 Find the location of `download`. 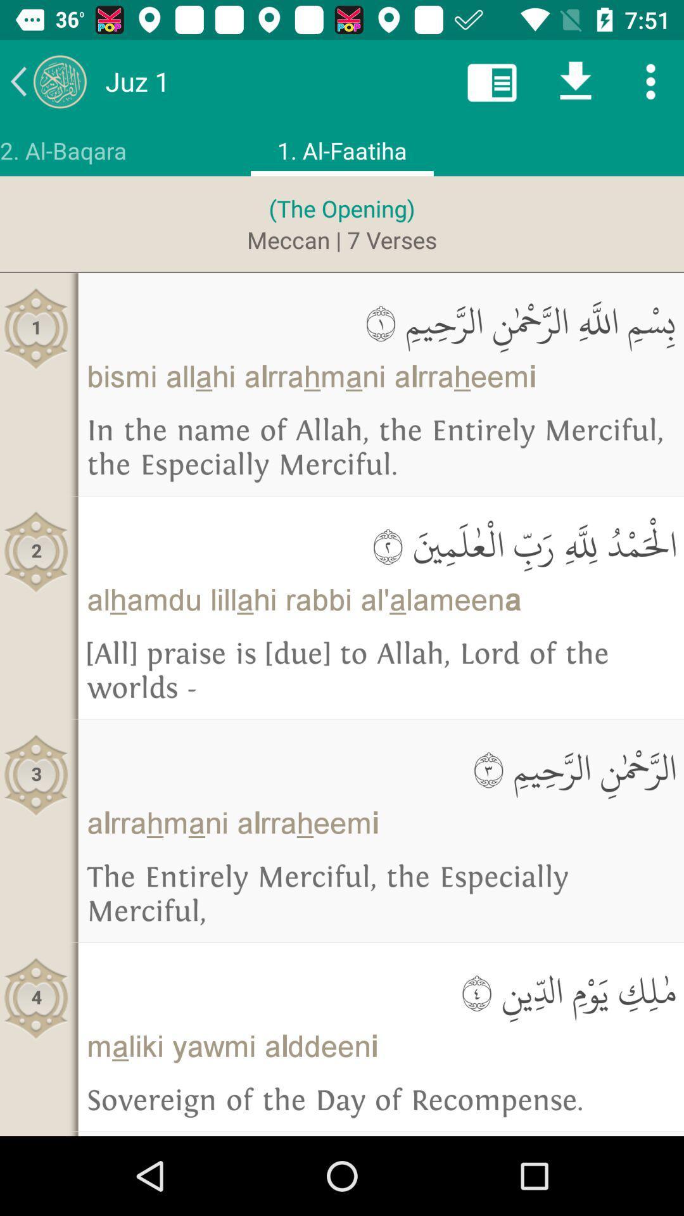

download is located at coordinates (576, 80).